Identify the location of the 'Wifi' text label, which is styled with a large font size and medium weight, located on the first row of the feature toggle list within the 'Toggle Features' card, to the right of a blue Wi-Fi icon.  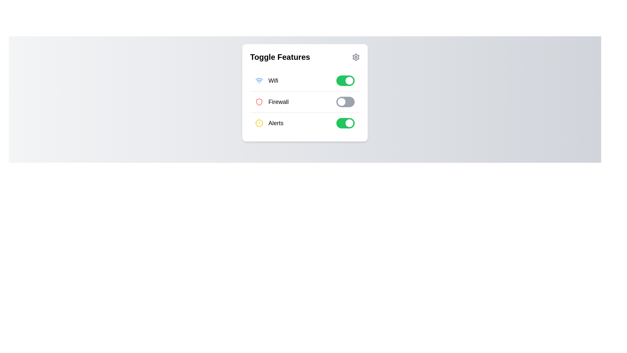
(273, 80).